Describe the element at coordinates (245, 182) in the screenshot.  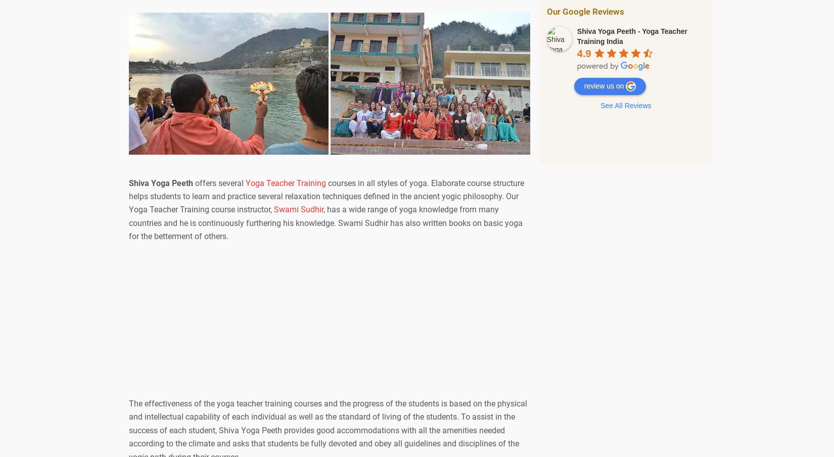
I see `'Yoga Teacher Training'` at that location.